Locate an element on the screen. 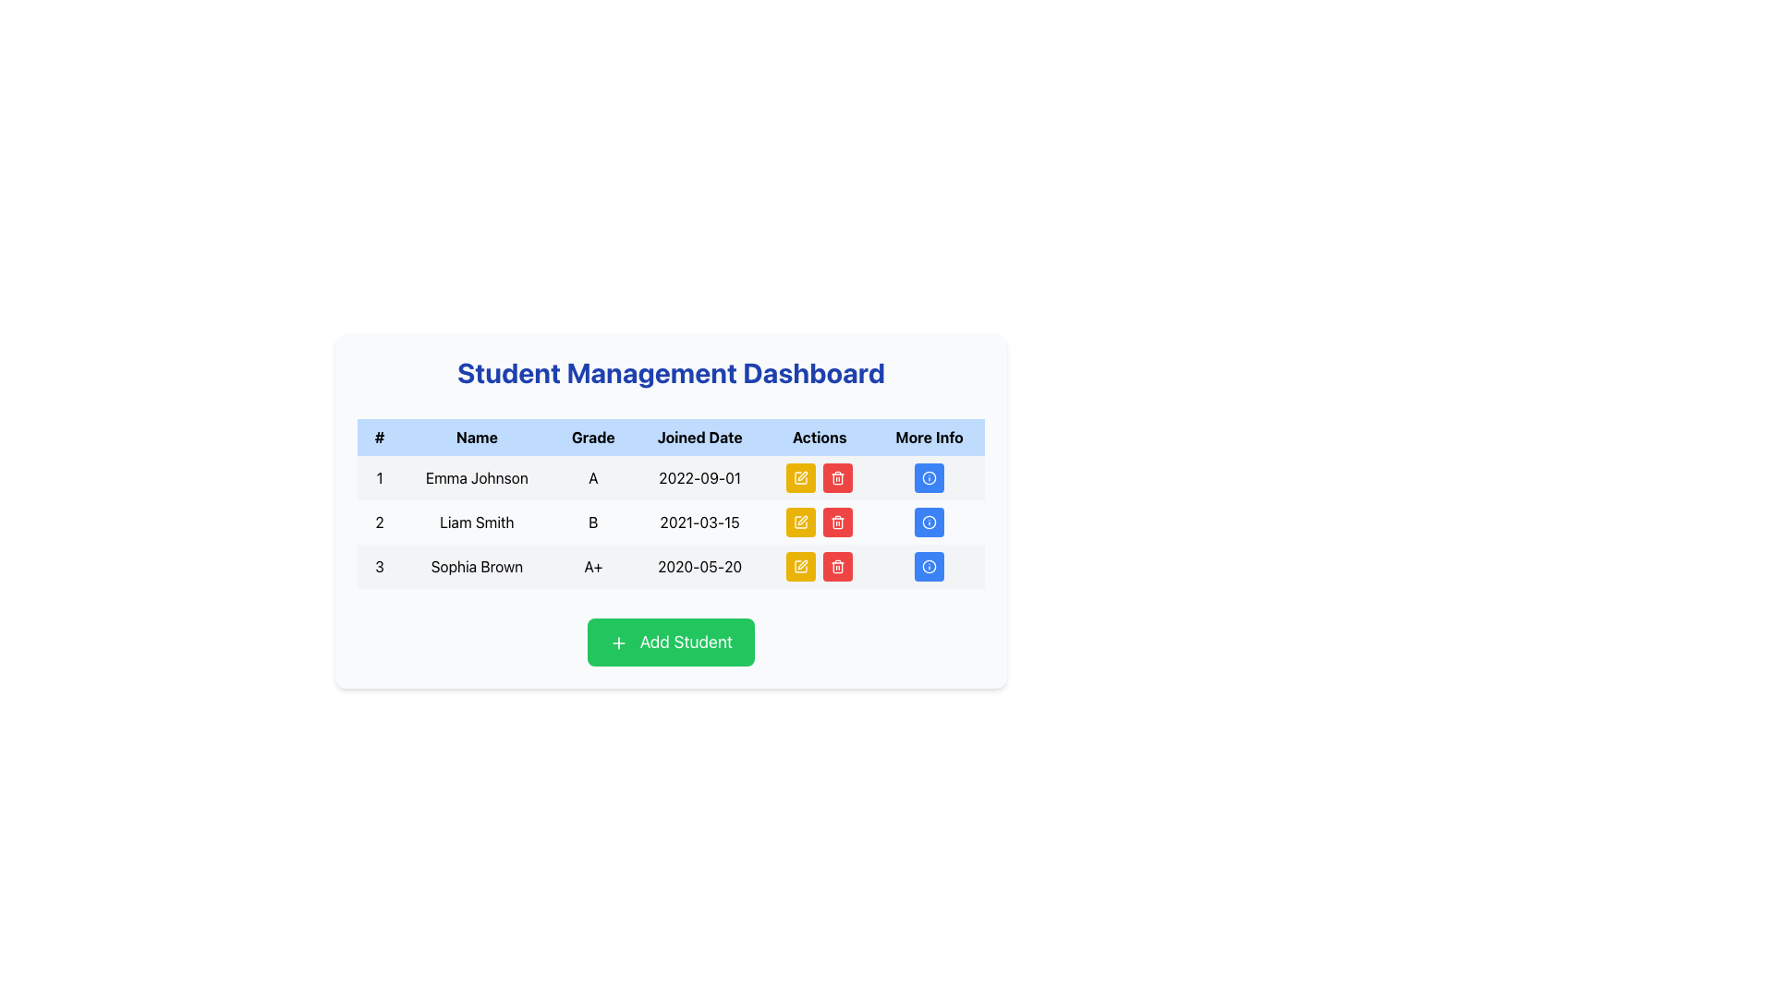  the text component displaying '2020-05-20' in the 'Joined Date' section of the table, located in the fourth column of the third row is located at coordinates (699, 565).